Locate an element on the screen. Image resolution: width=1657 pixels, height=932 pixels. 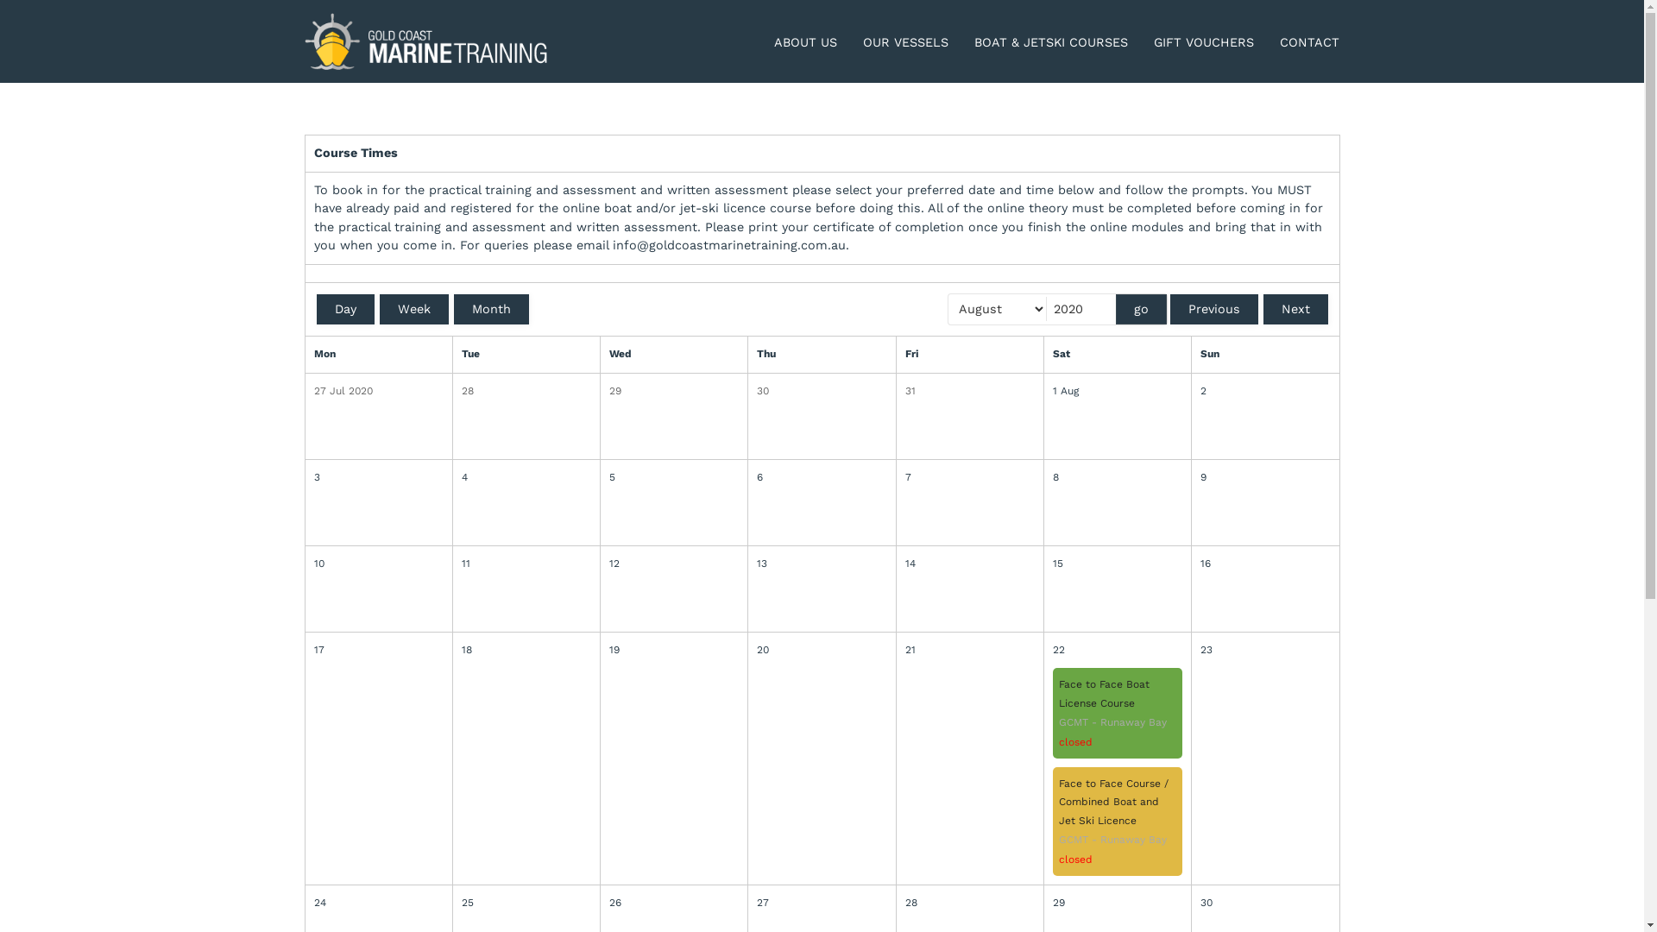
'18' is located at coordinates (525, 650).